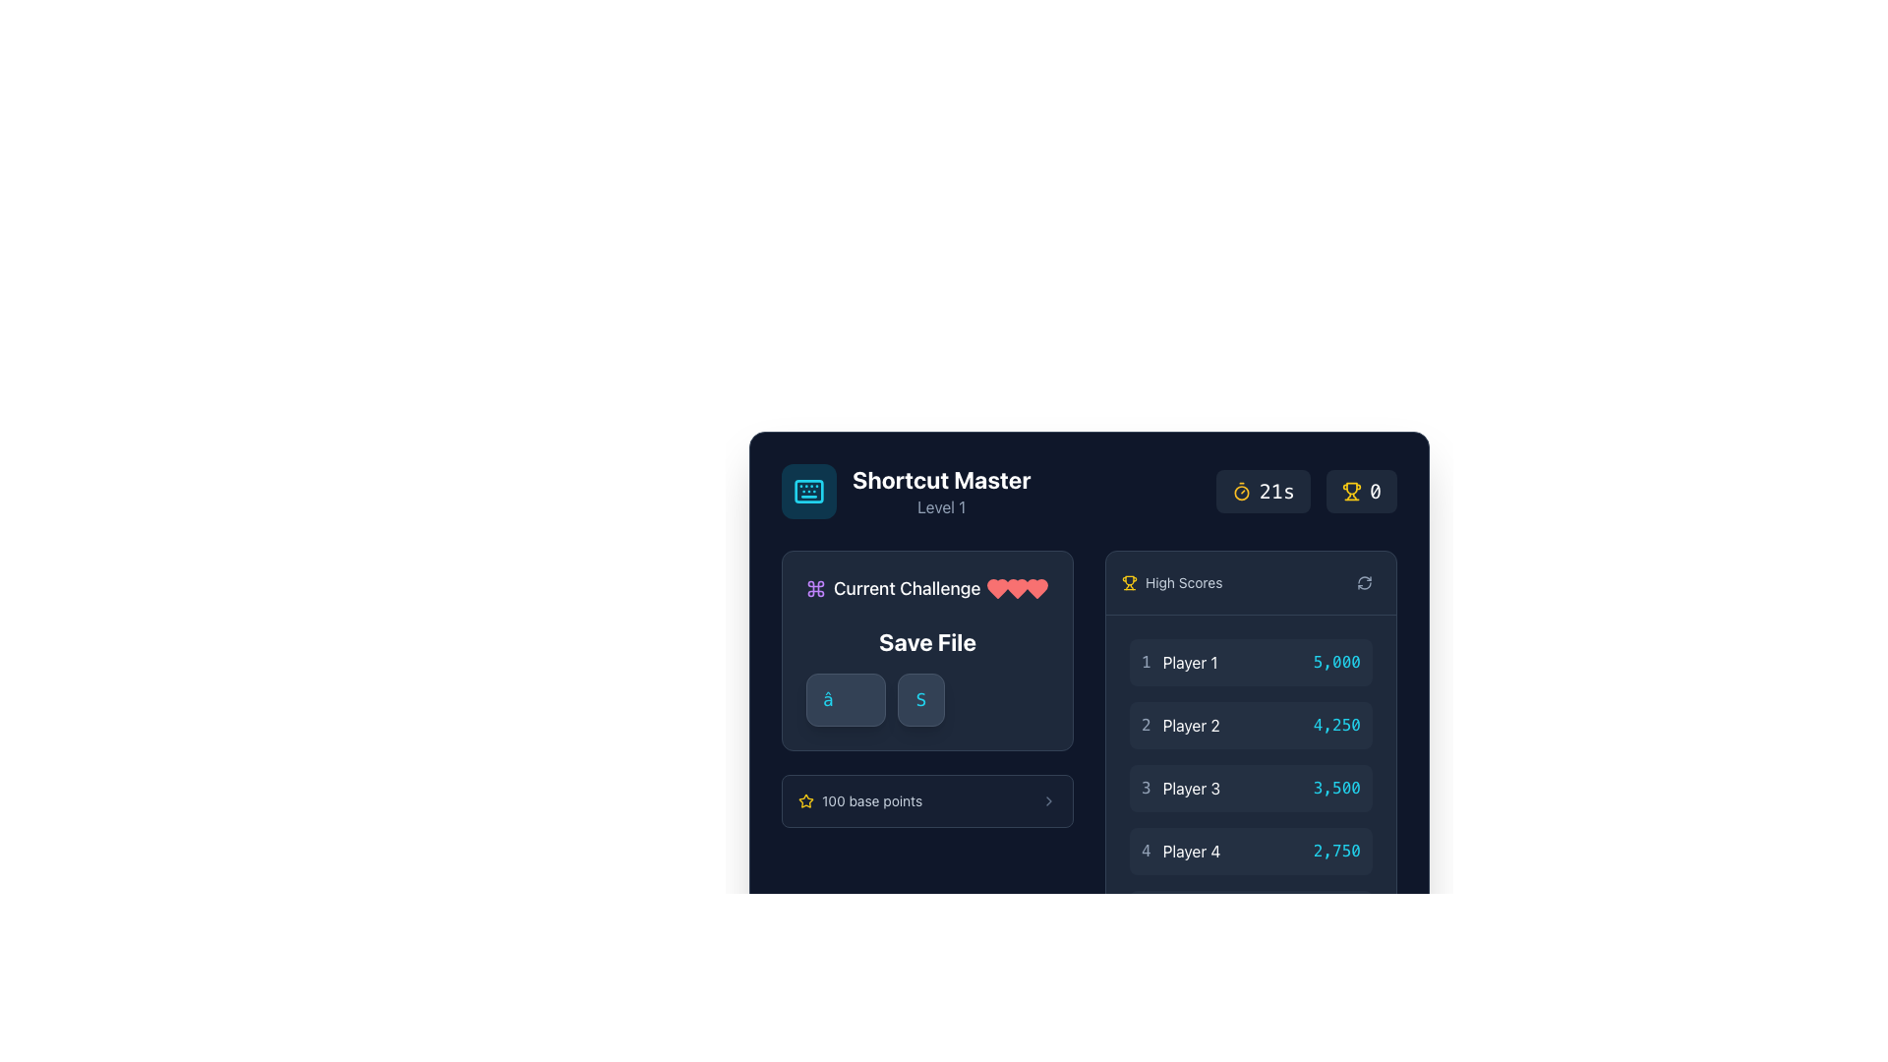  Describe the element at coordinates (1250, 851) in the screenshot. I see `the list item displaying '4 Player 4' with a cyan numerical value '2,750' in the 'High Scores' panel` at that location.